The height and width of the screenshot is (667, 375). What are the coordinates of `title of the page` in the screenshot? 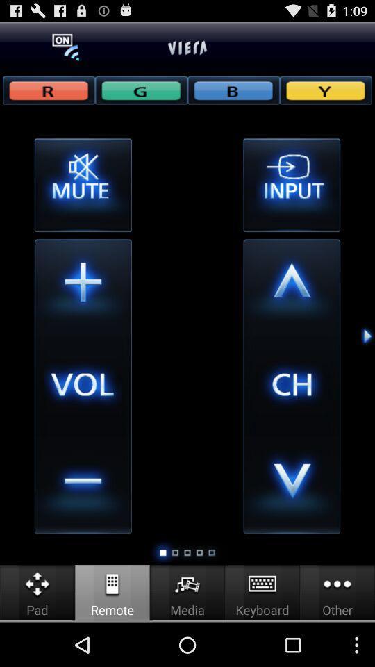 It's located at (187, 47).